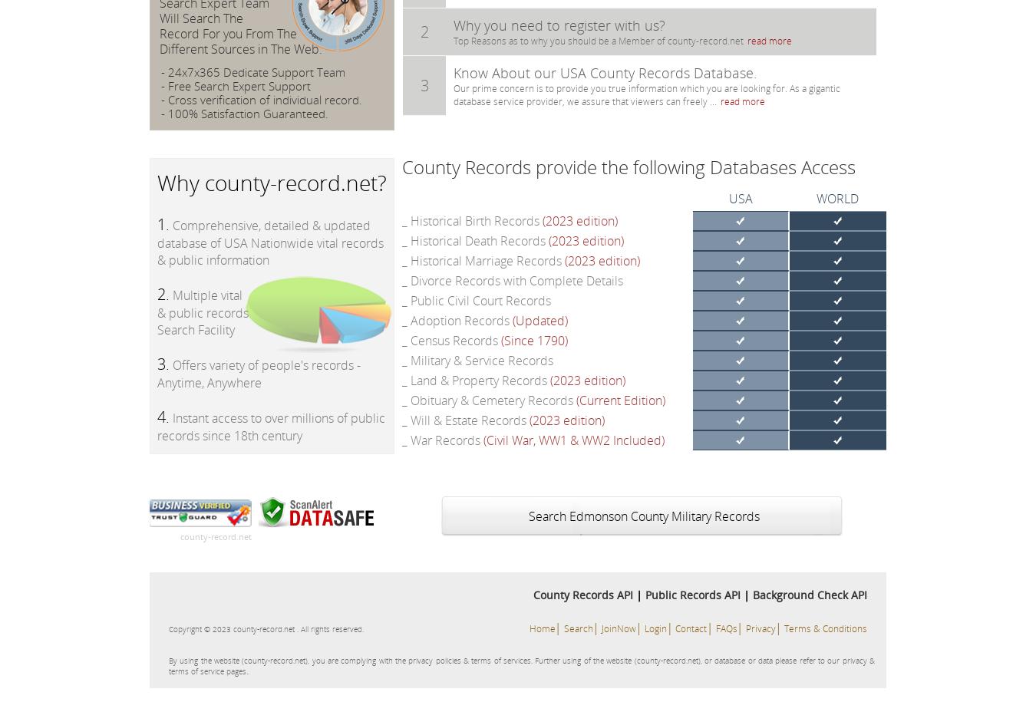 Image resolution: width=1036 pixels, height=702 pixels. Describe the element at coordinates (477, 299) in the screenshot. I see `'_ Public Civil Court Records'` at that location.